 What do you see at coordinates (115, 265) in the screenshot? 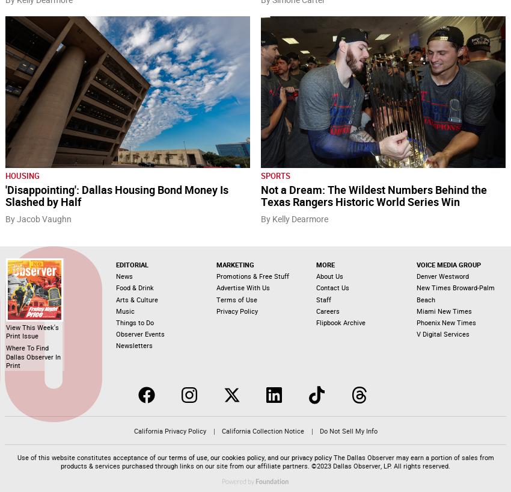
I see `'Editorial'` at bounding box center [115, 265].